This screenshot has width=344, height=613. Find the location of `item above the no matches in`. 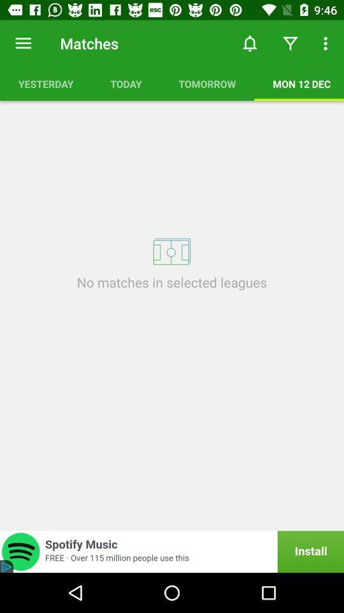

item above the no matches in is located at coordinates (172, 251).